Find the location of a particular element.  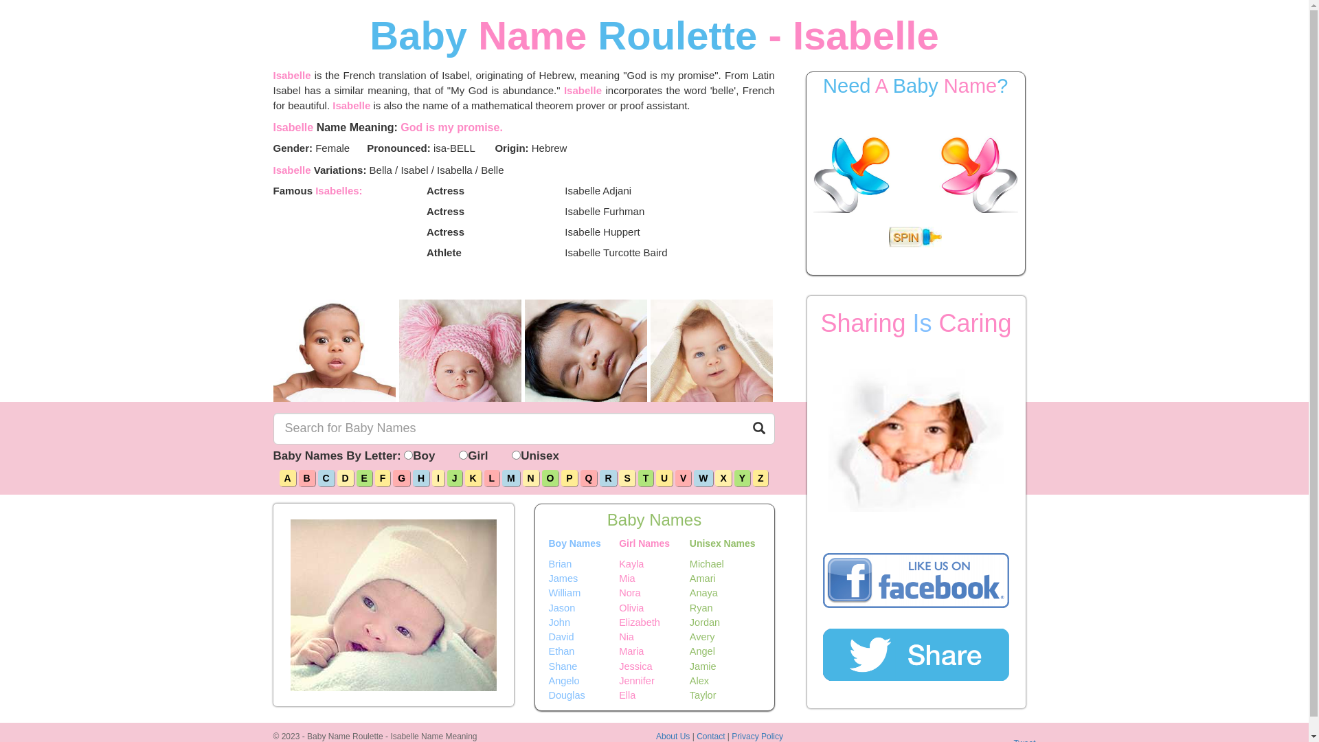

'O' is located at coordinates (541, 477).